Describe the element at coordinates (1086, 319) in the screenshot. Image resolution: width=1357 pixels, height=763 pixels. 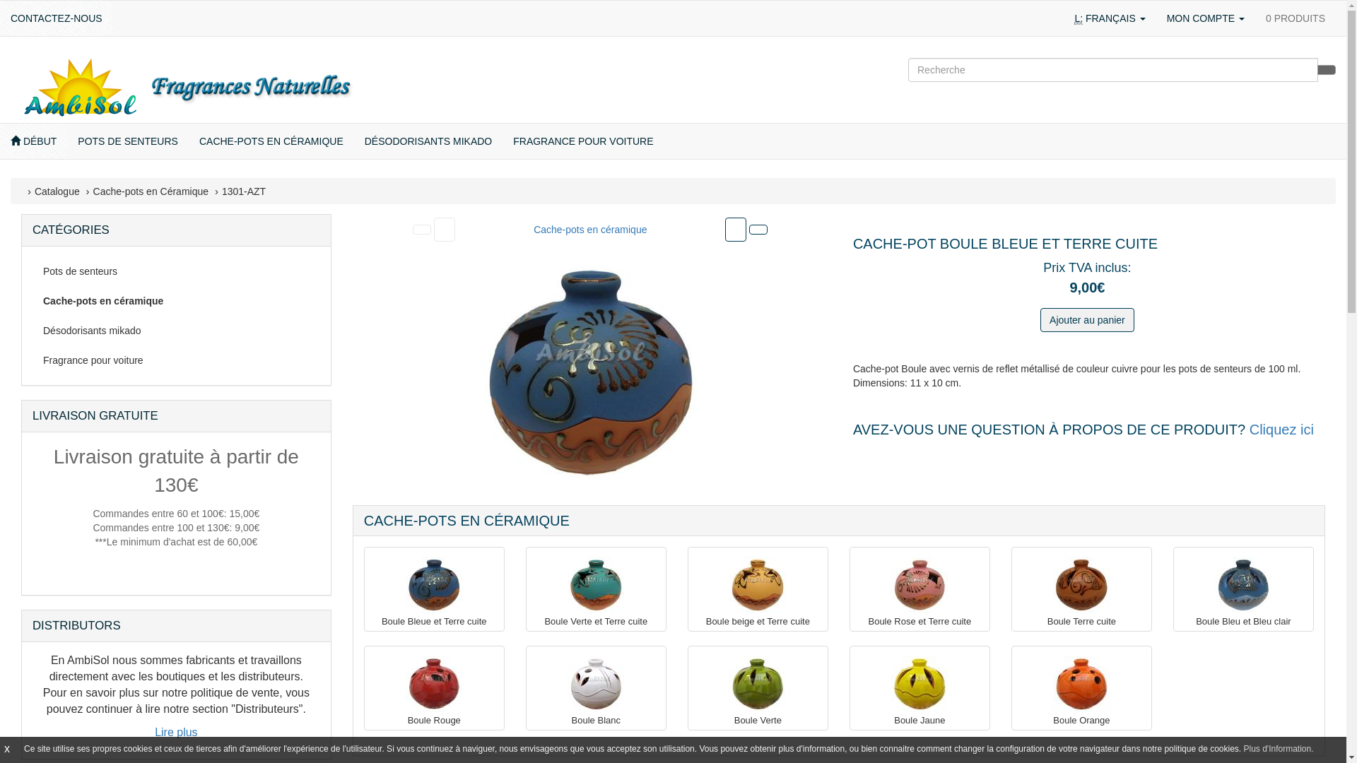
I see `'Ajouter au panier'` at that location.